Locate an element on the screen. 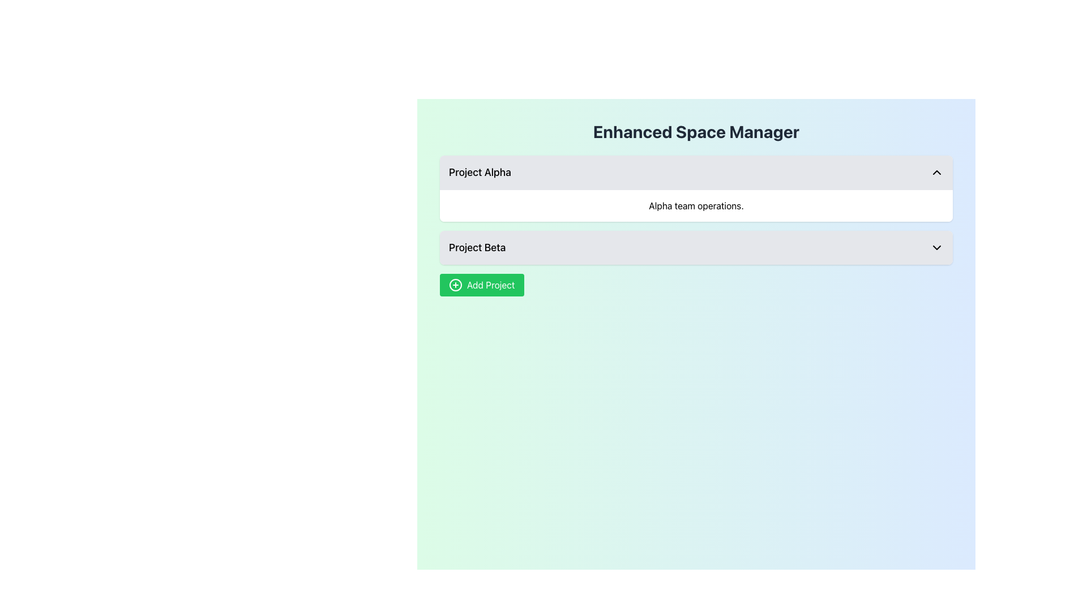 The image size is (1087, 611). the Static Text Label that provides context about 'Alpha team operations', positioned between 'Project Alpha' and 'Project Beta' is located at coordinates (695, 205).